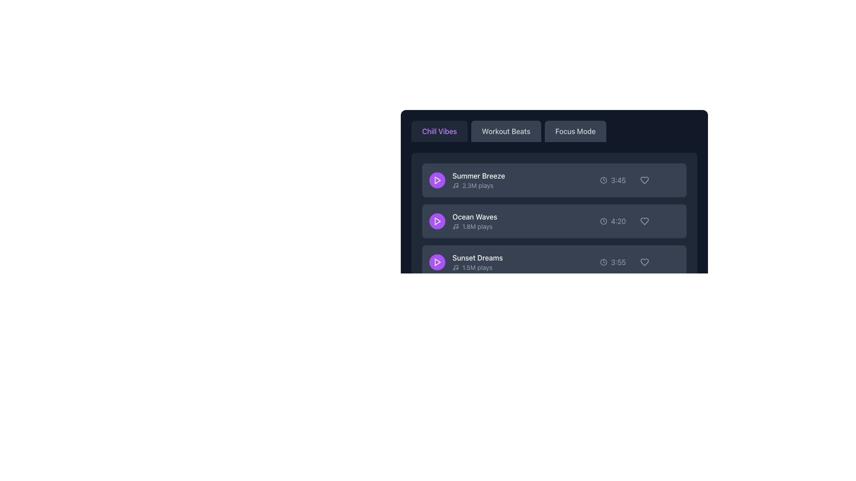 This screenshot has width=856, height=481. Describe the element at coordinates (437, 180) in the screenshot. I see `the play button located to the left of the text displaying the song title 'Summer Breeze' to initiate media playback` at that location.